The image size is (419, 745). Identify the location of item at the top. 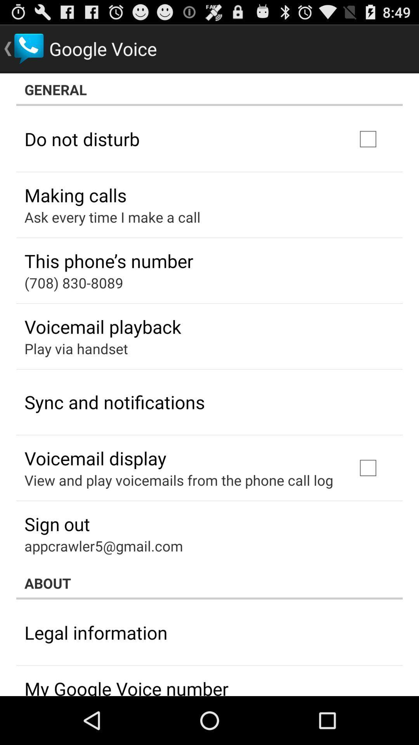
(209, 89).